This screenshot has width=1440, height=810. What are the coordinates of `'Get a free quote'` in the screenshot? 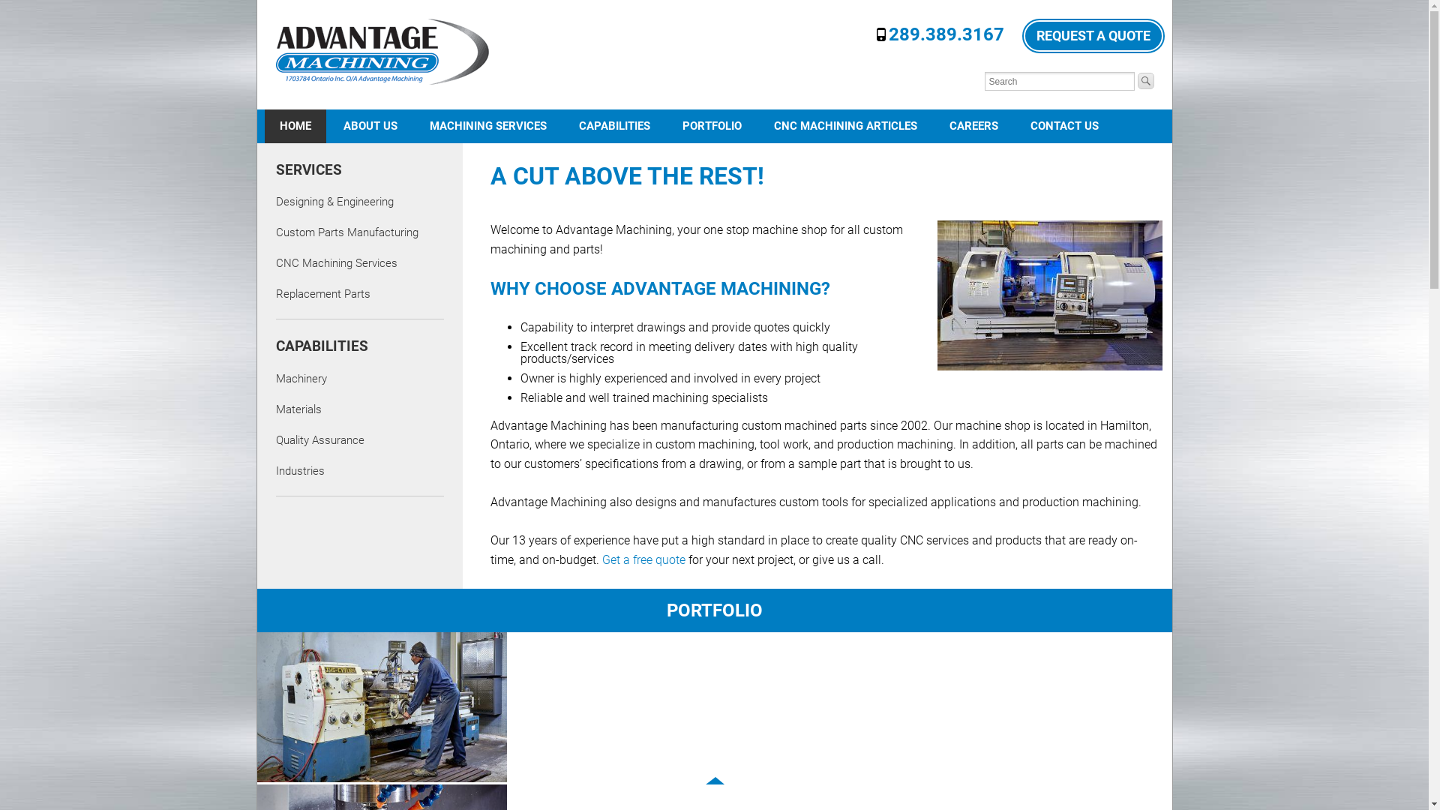 It's located at (601, 559).